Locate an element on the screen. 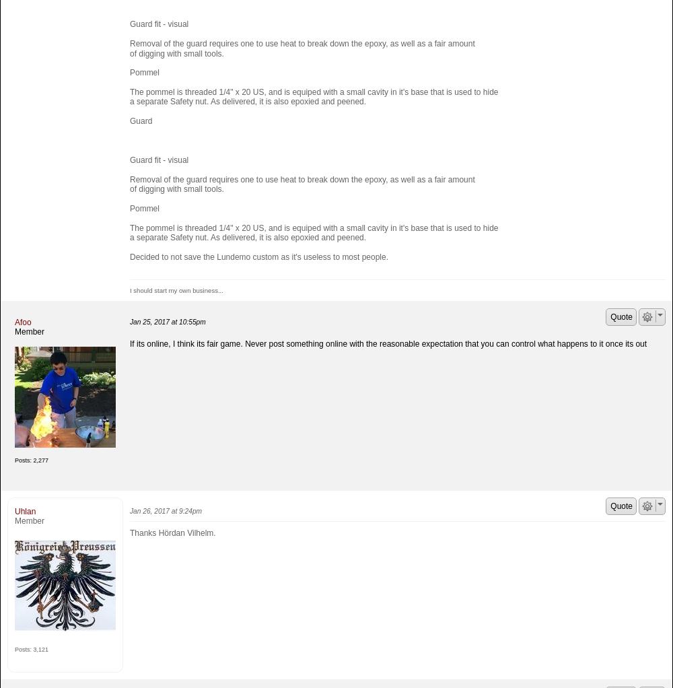 The image size is (673, 688). 'Decided to not save the Lundemo custom as it's useless to most people.' is located at coordinates (259, 256).